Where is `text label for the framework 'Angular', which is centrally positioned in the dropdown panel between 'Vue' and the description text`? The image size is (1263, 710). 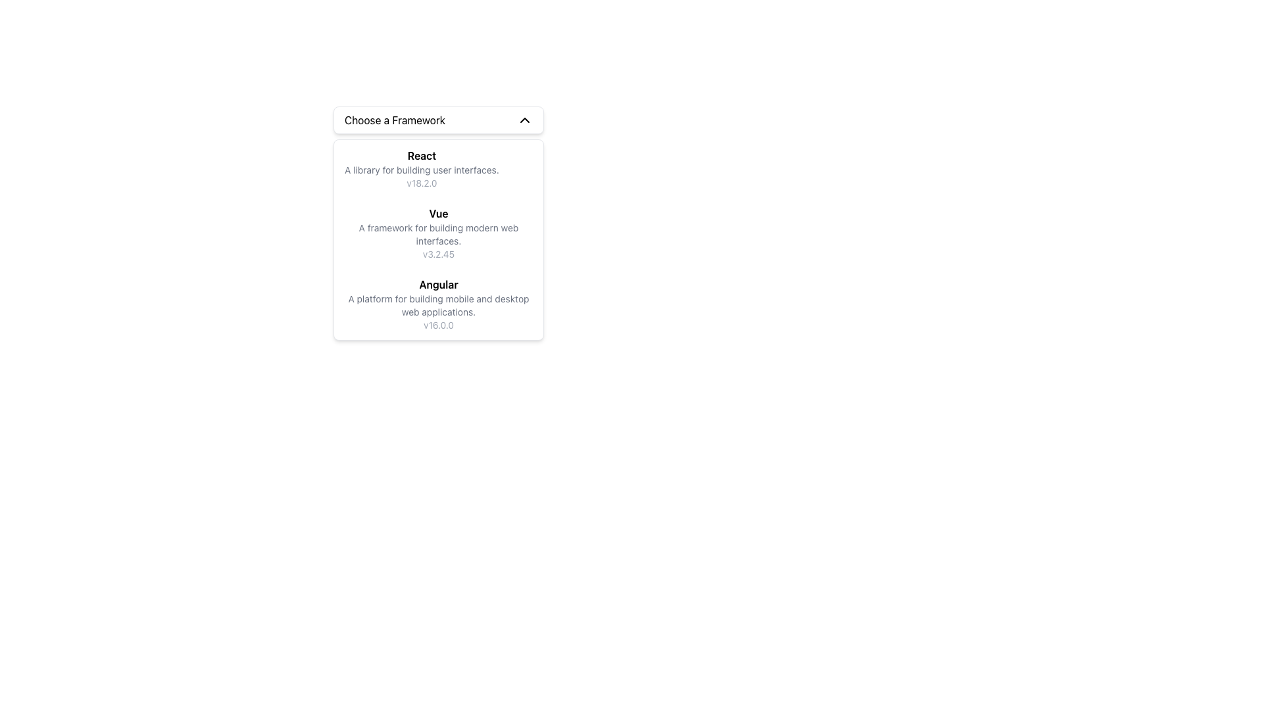
text label for the framework 'Angular', which is centrally positioned in the dropdown panel between 'Vue' and the description text is located at coordinates (439, 283).